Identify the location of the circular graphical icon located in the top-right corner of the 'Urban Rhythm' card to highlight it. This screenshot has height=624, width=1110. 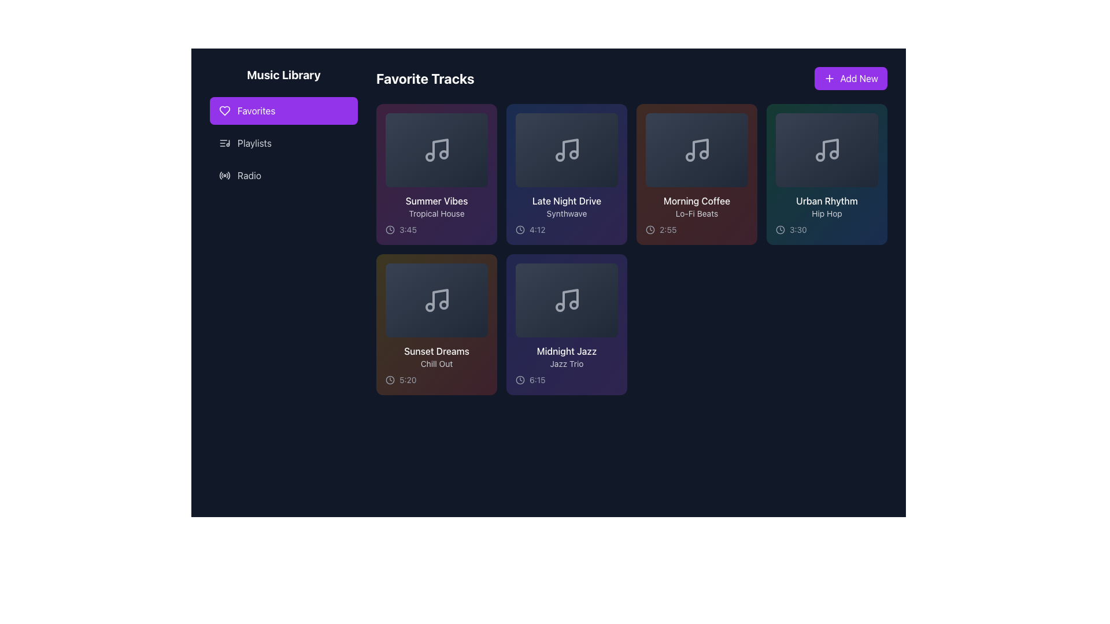
(871, 120).